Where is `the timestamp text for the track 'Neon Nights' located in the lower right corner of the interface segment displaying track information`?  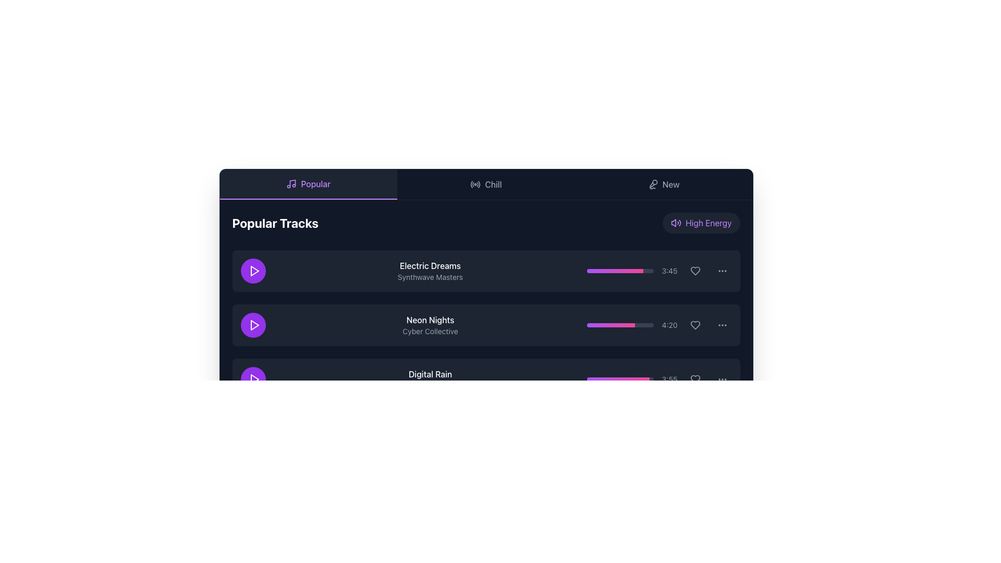
the timestamp text for the track 'Neon Nights' located in the lower right corner of the interface segment displaying track information is located at coordinates (669, 325).